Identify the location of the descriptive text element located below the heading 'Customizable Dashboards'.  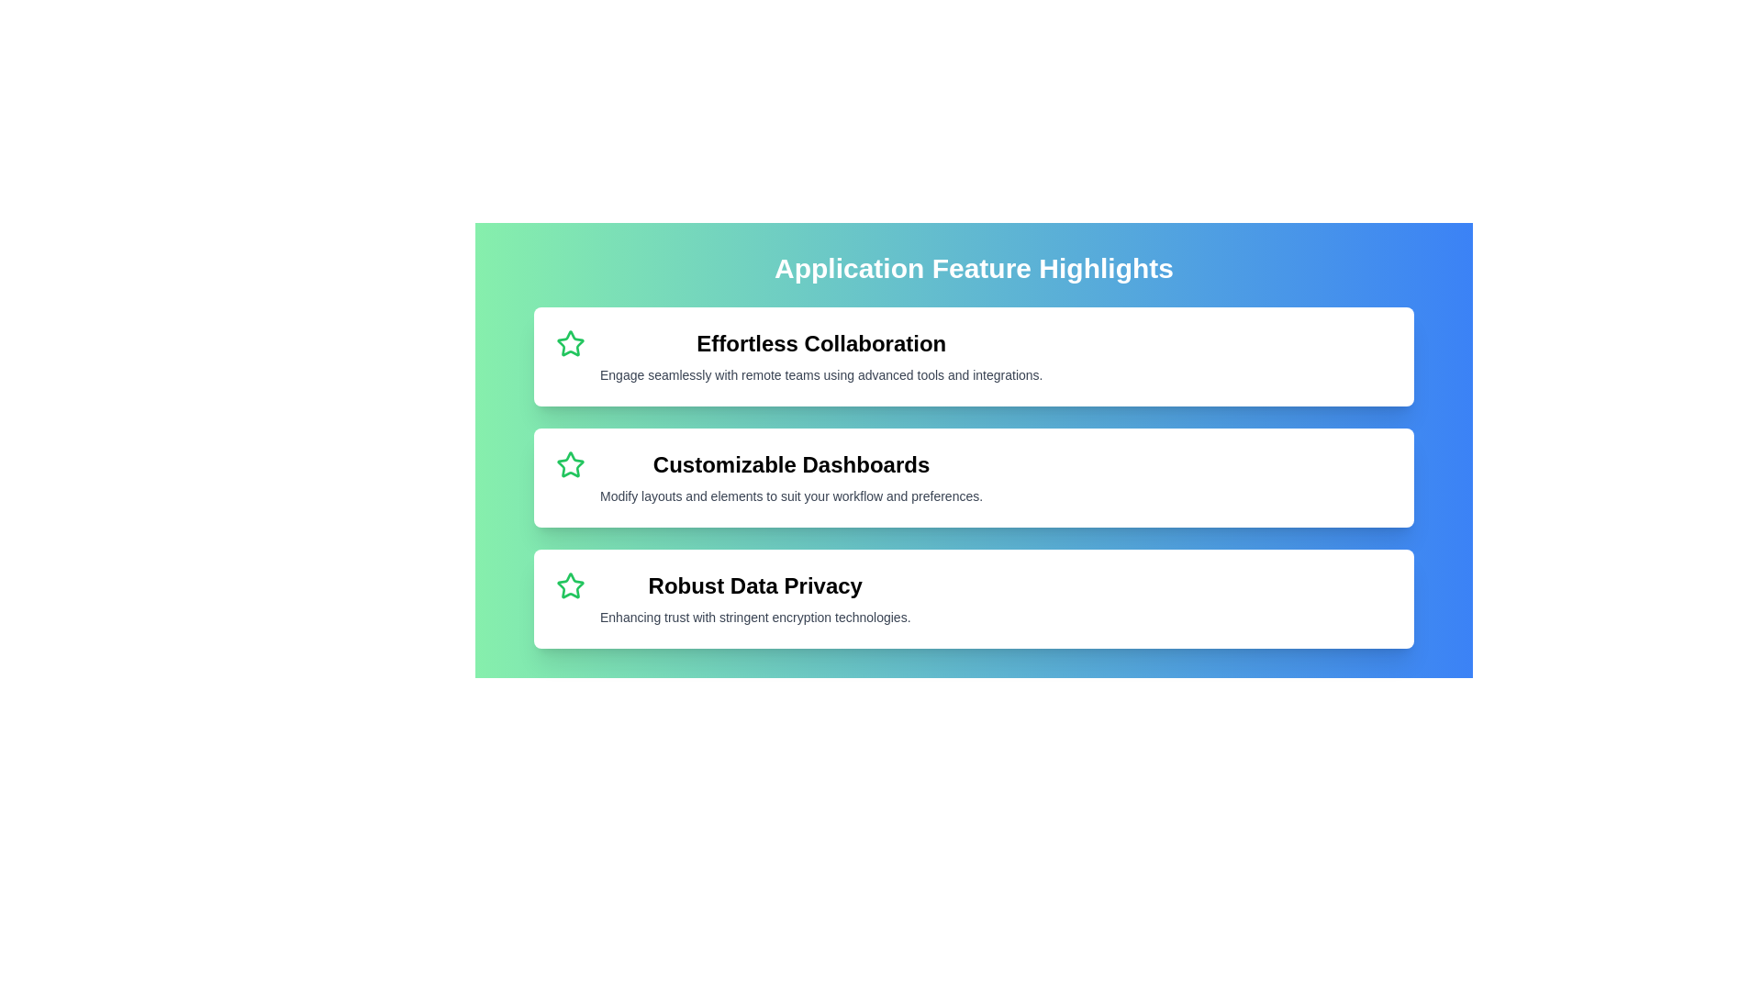
(791, 495).